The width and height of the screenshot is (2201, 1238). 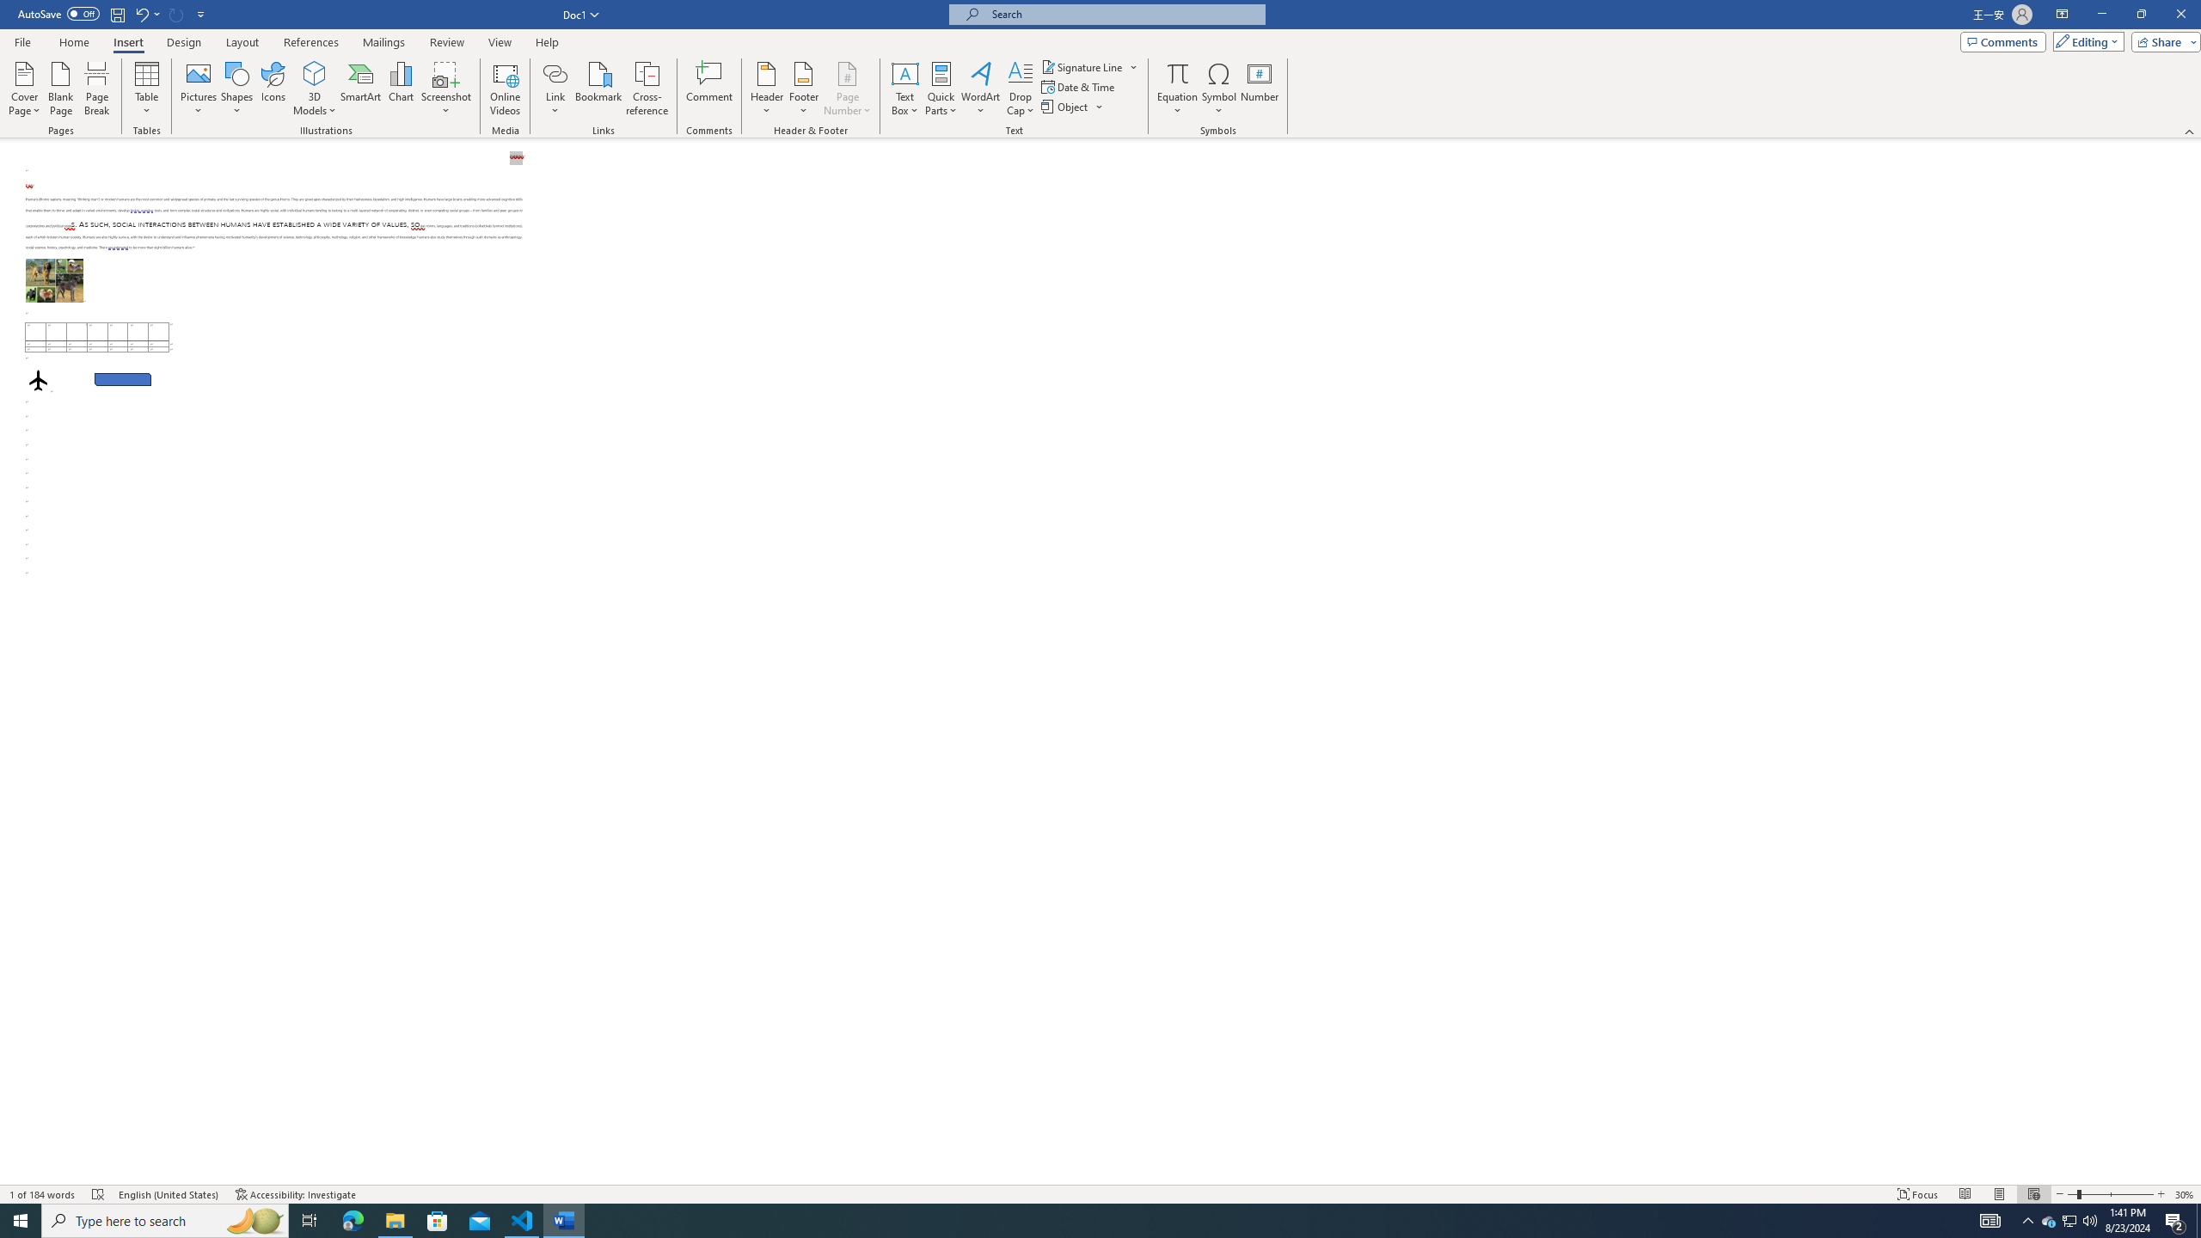 What do you see at coordinates (126, 42) in the screenshot?
I see `'Insert'` at bounding box center [126, 42].